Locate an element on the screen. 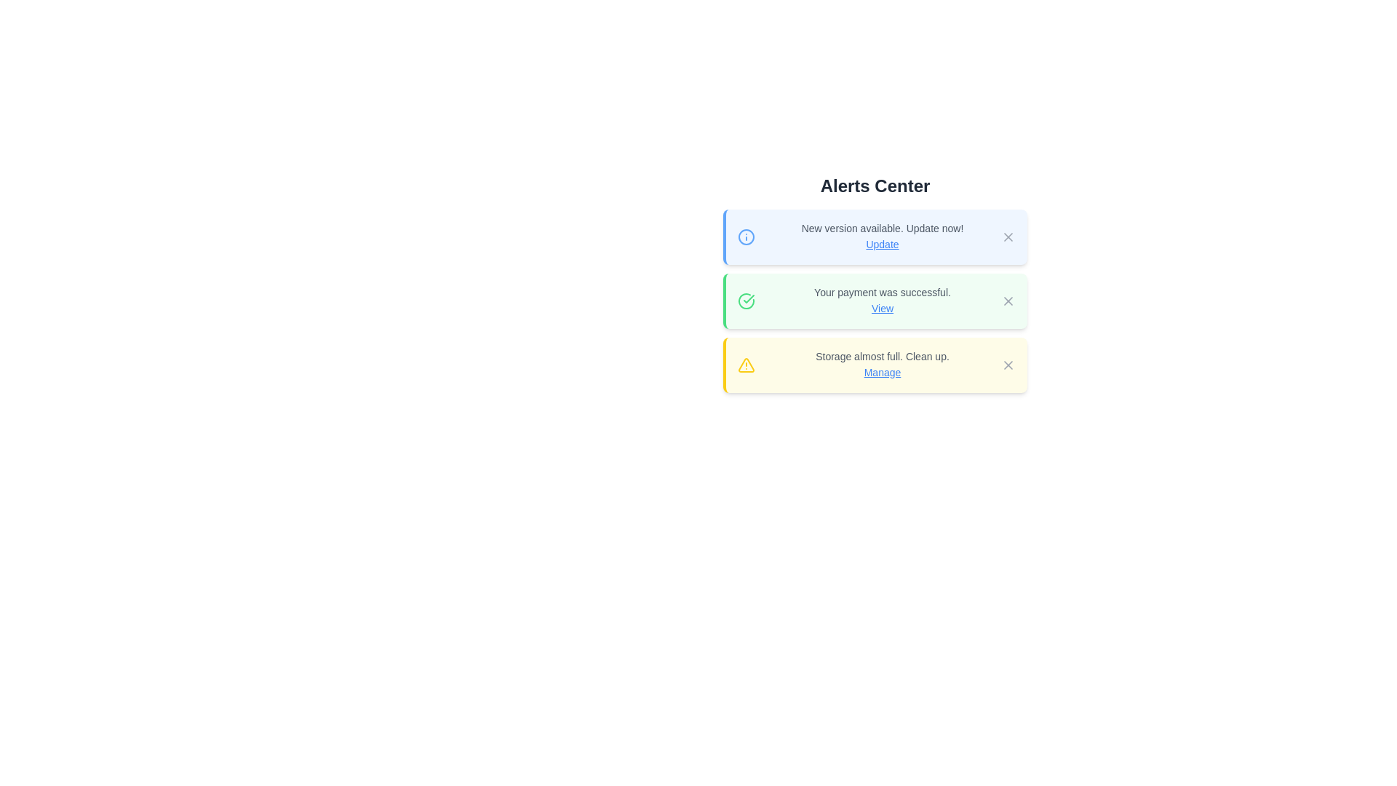 This screenshot has height=786, width=1397. the second notification card in the Alerts Center section, which has a green background and contains the message 'Your payment was successful.' is located at coordinates (875, 283).